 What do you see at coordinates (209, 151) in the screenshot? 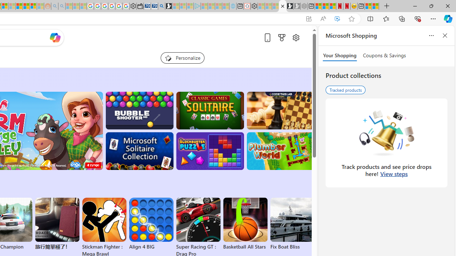
I see `'BlockBuster: Adventures Puzzle'` at bounding box center [209, 151].